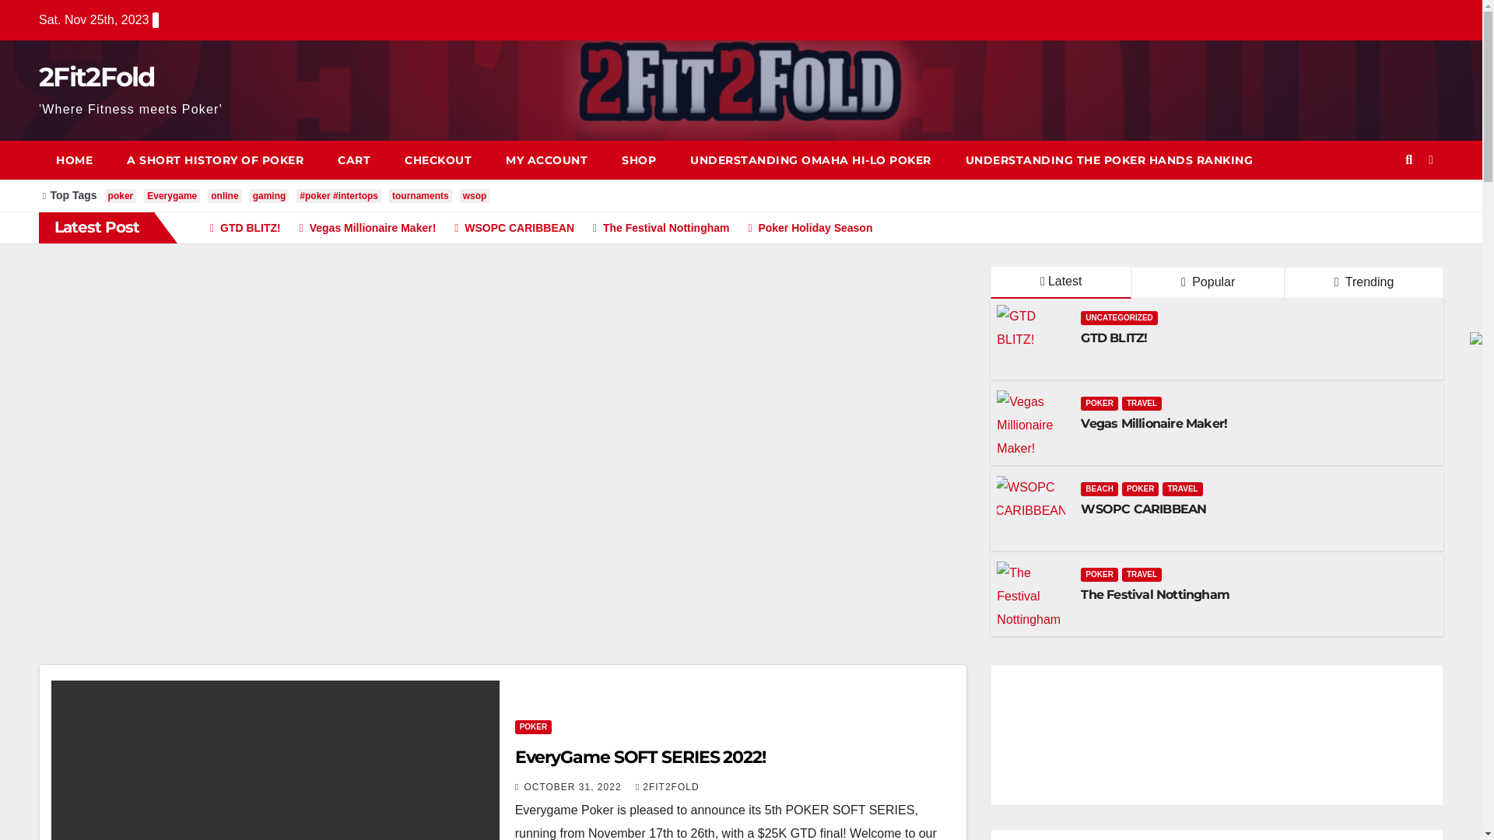  Describe the element at coordinates (1060, 282) in the screenshot. I see `'Latest'` at that location.